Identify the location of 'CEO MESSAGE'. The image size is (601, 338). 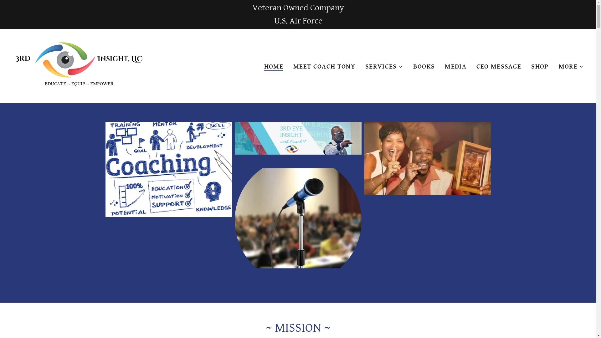
(498, 66).